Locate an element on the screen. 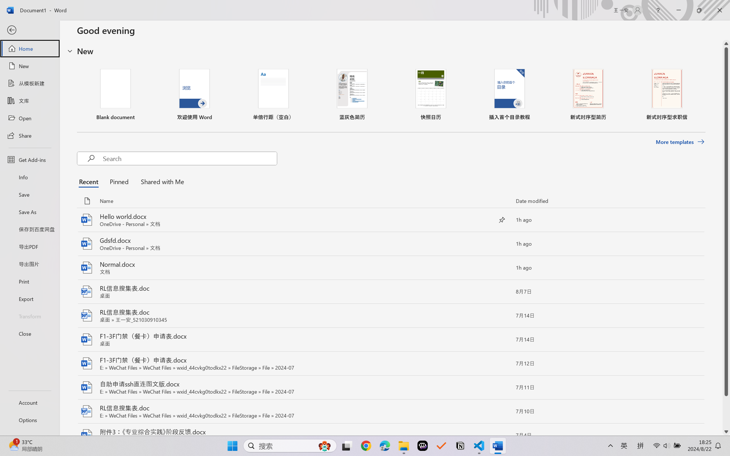 The width and height of the screenshot is (730, 456). 'Blank document' is located at coordinates (115, 95).